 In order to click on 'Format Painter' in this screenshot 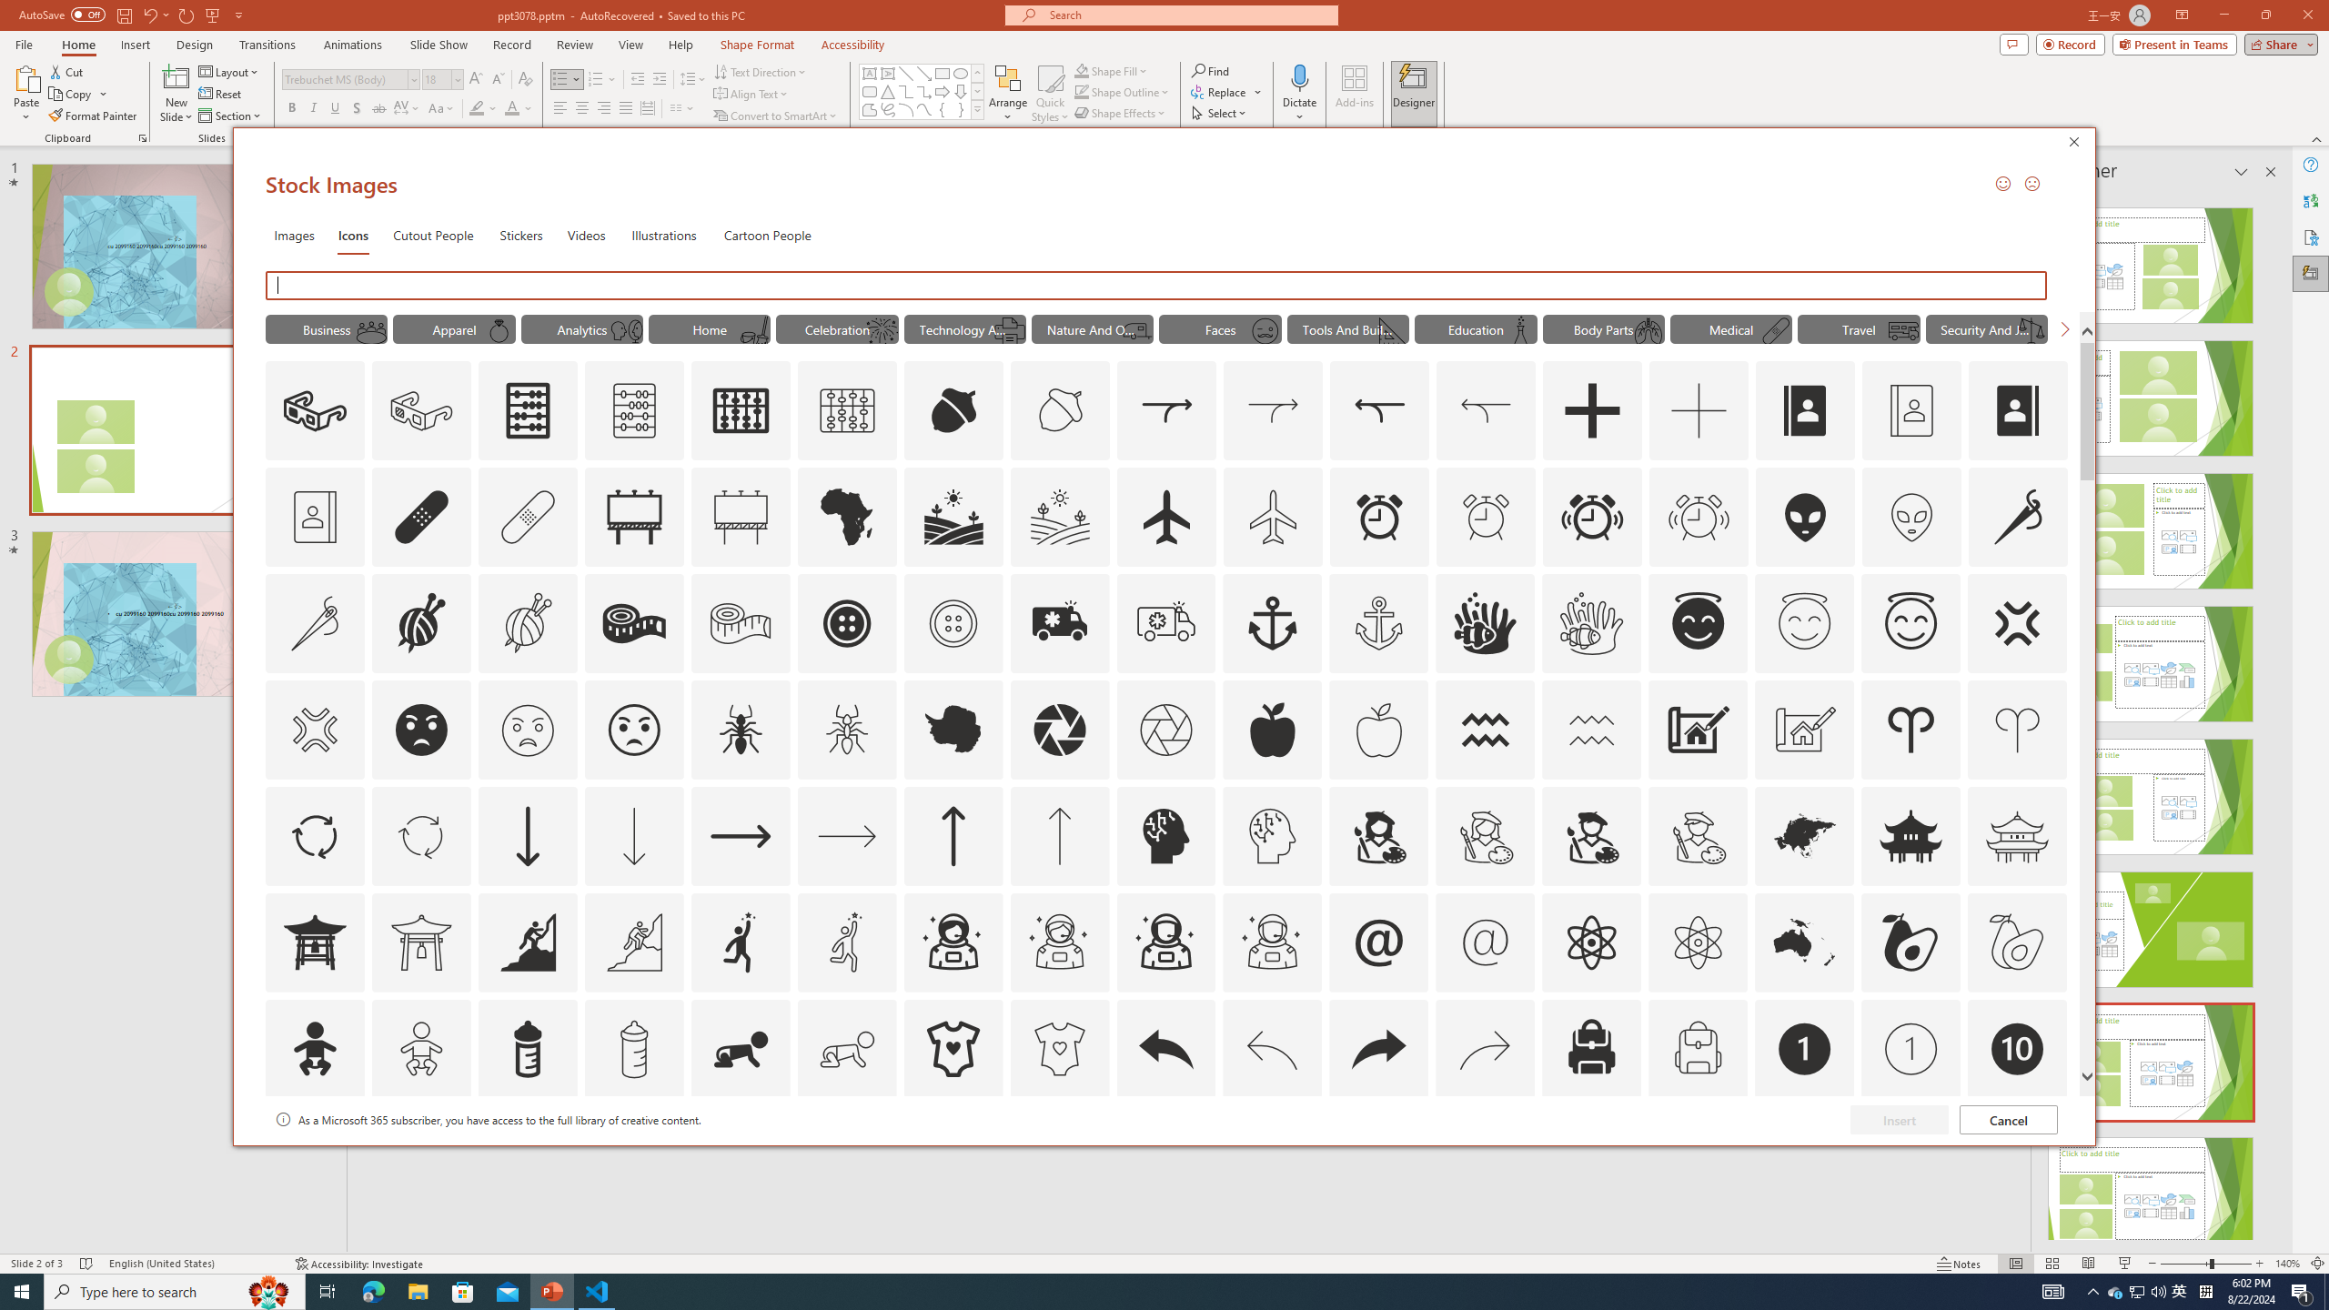, I will do `click(93, 116)`.